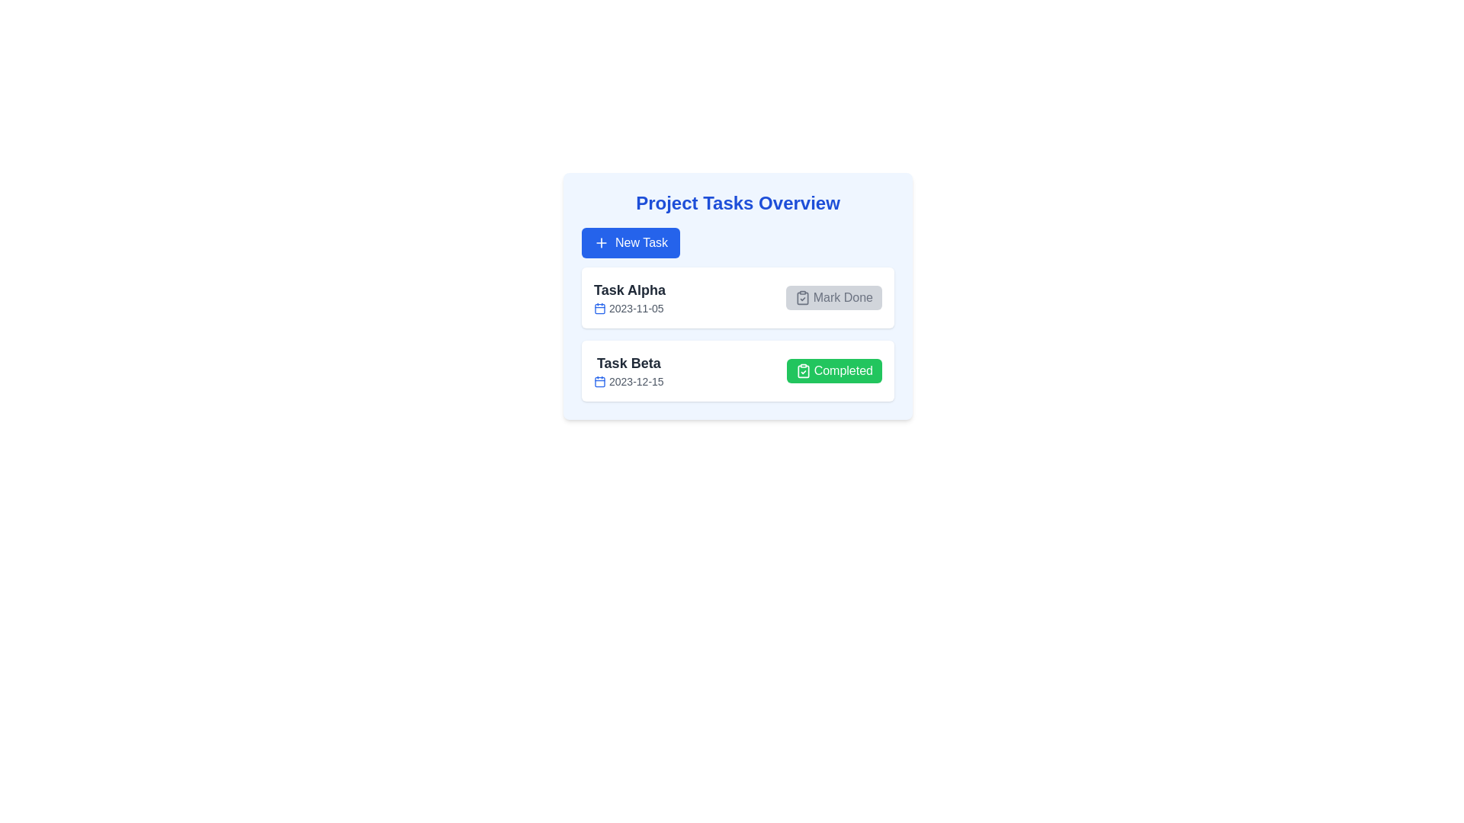 This screenshot has height=823, width=1464. I want to click on the 'New Task' button with a blue background and a white '+' icon located below the 'Project Tasks Overview' title, so click(631, 242).